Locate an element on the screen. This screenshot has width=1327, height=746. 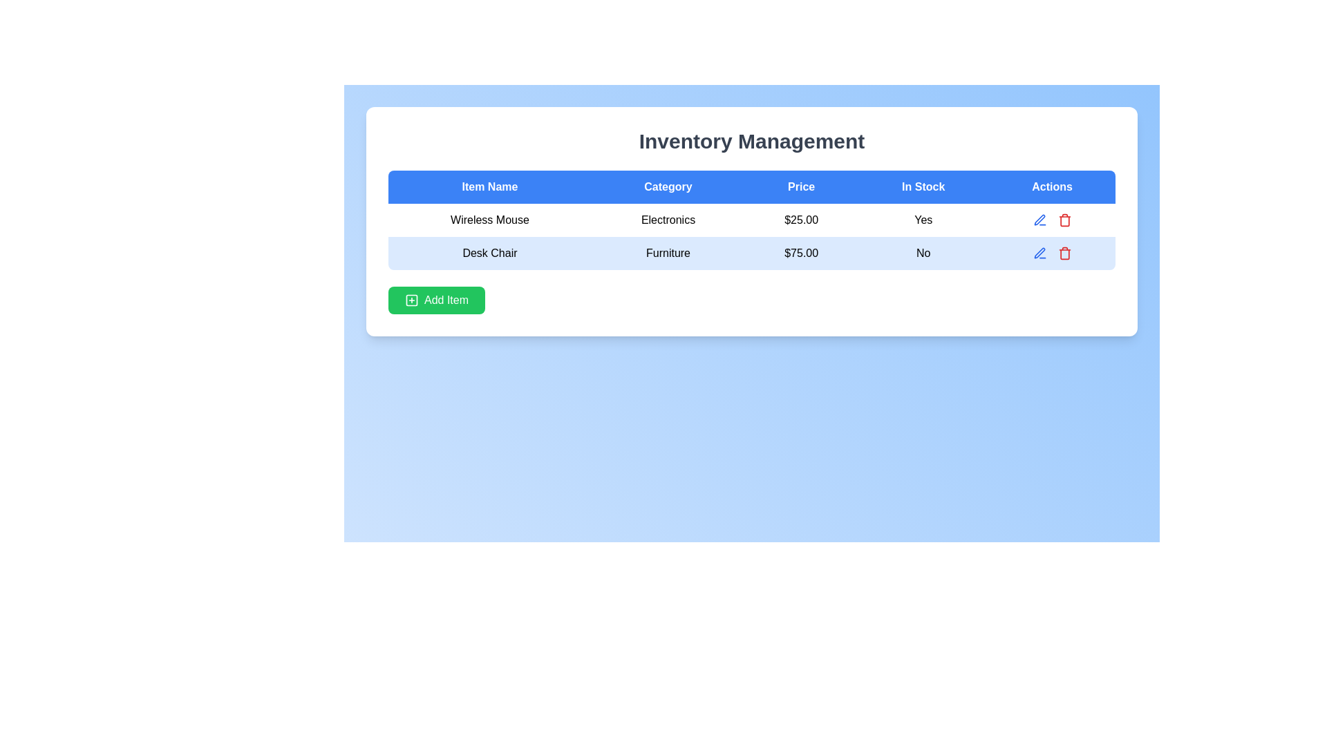
the first row of the product information table that displays the item's name, category, price, and availability status is located at coordinates (751, 220).